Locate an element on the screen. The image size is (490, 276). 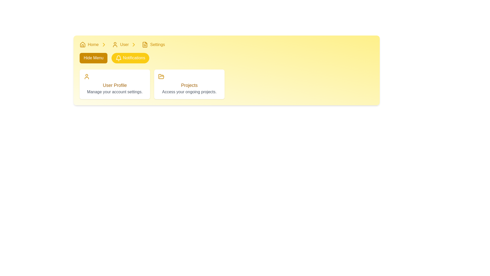
the stylized icon resembling a folded document located in the breadcrumb navigation bar, positioned to the immediate left of the 'Settings' label is located at coordinates (145, 44).